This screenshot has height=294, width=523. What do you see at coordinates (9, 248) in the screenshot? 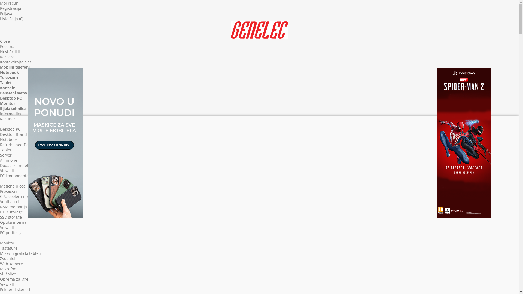
I see `'Tastature'` at bounding box center [9, 248].